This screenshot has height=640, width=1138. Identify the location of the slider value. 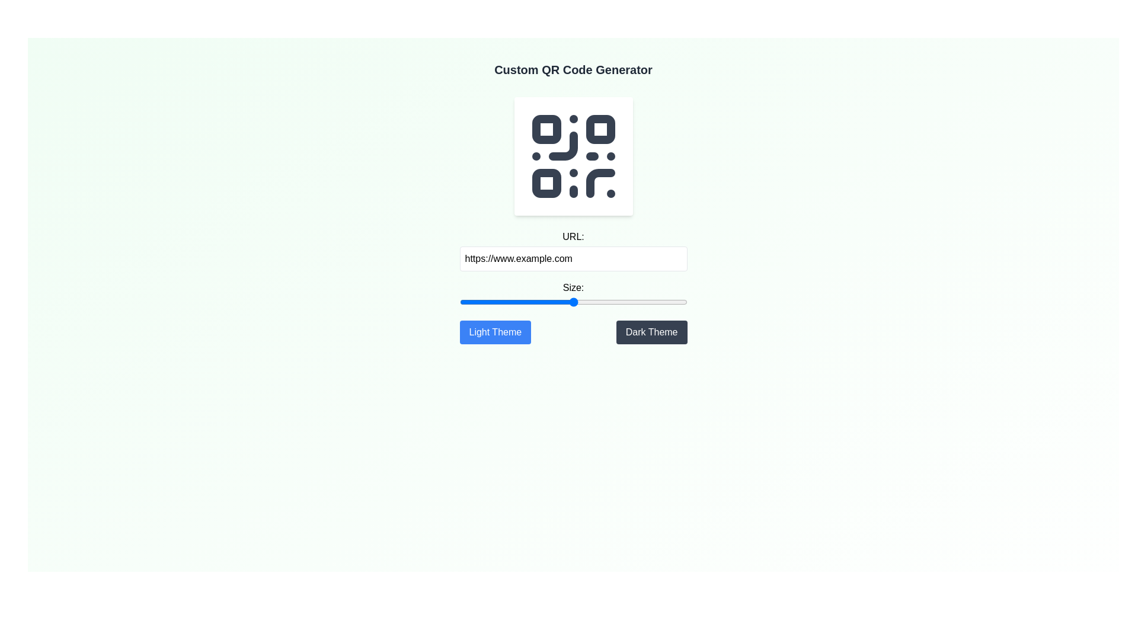
(661, 301).